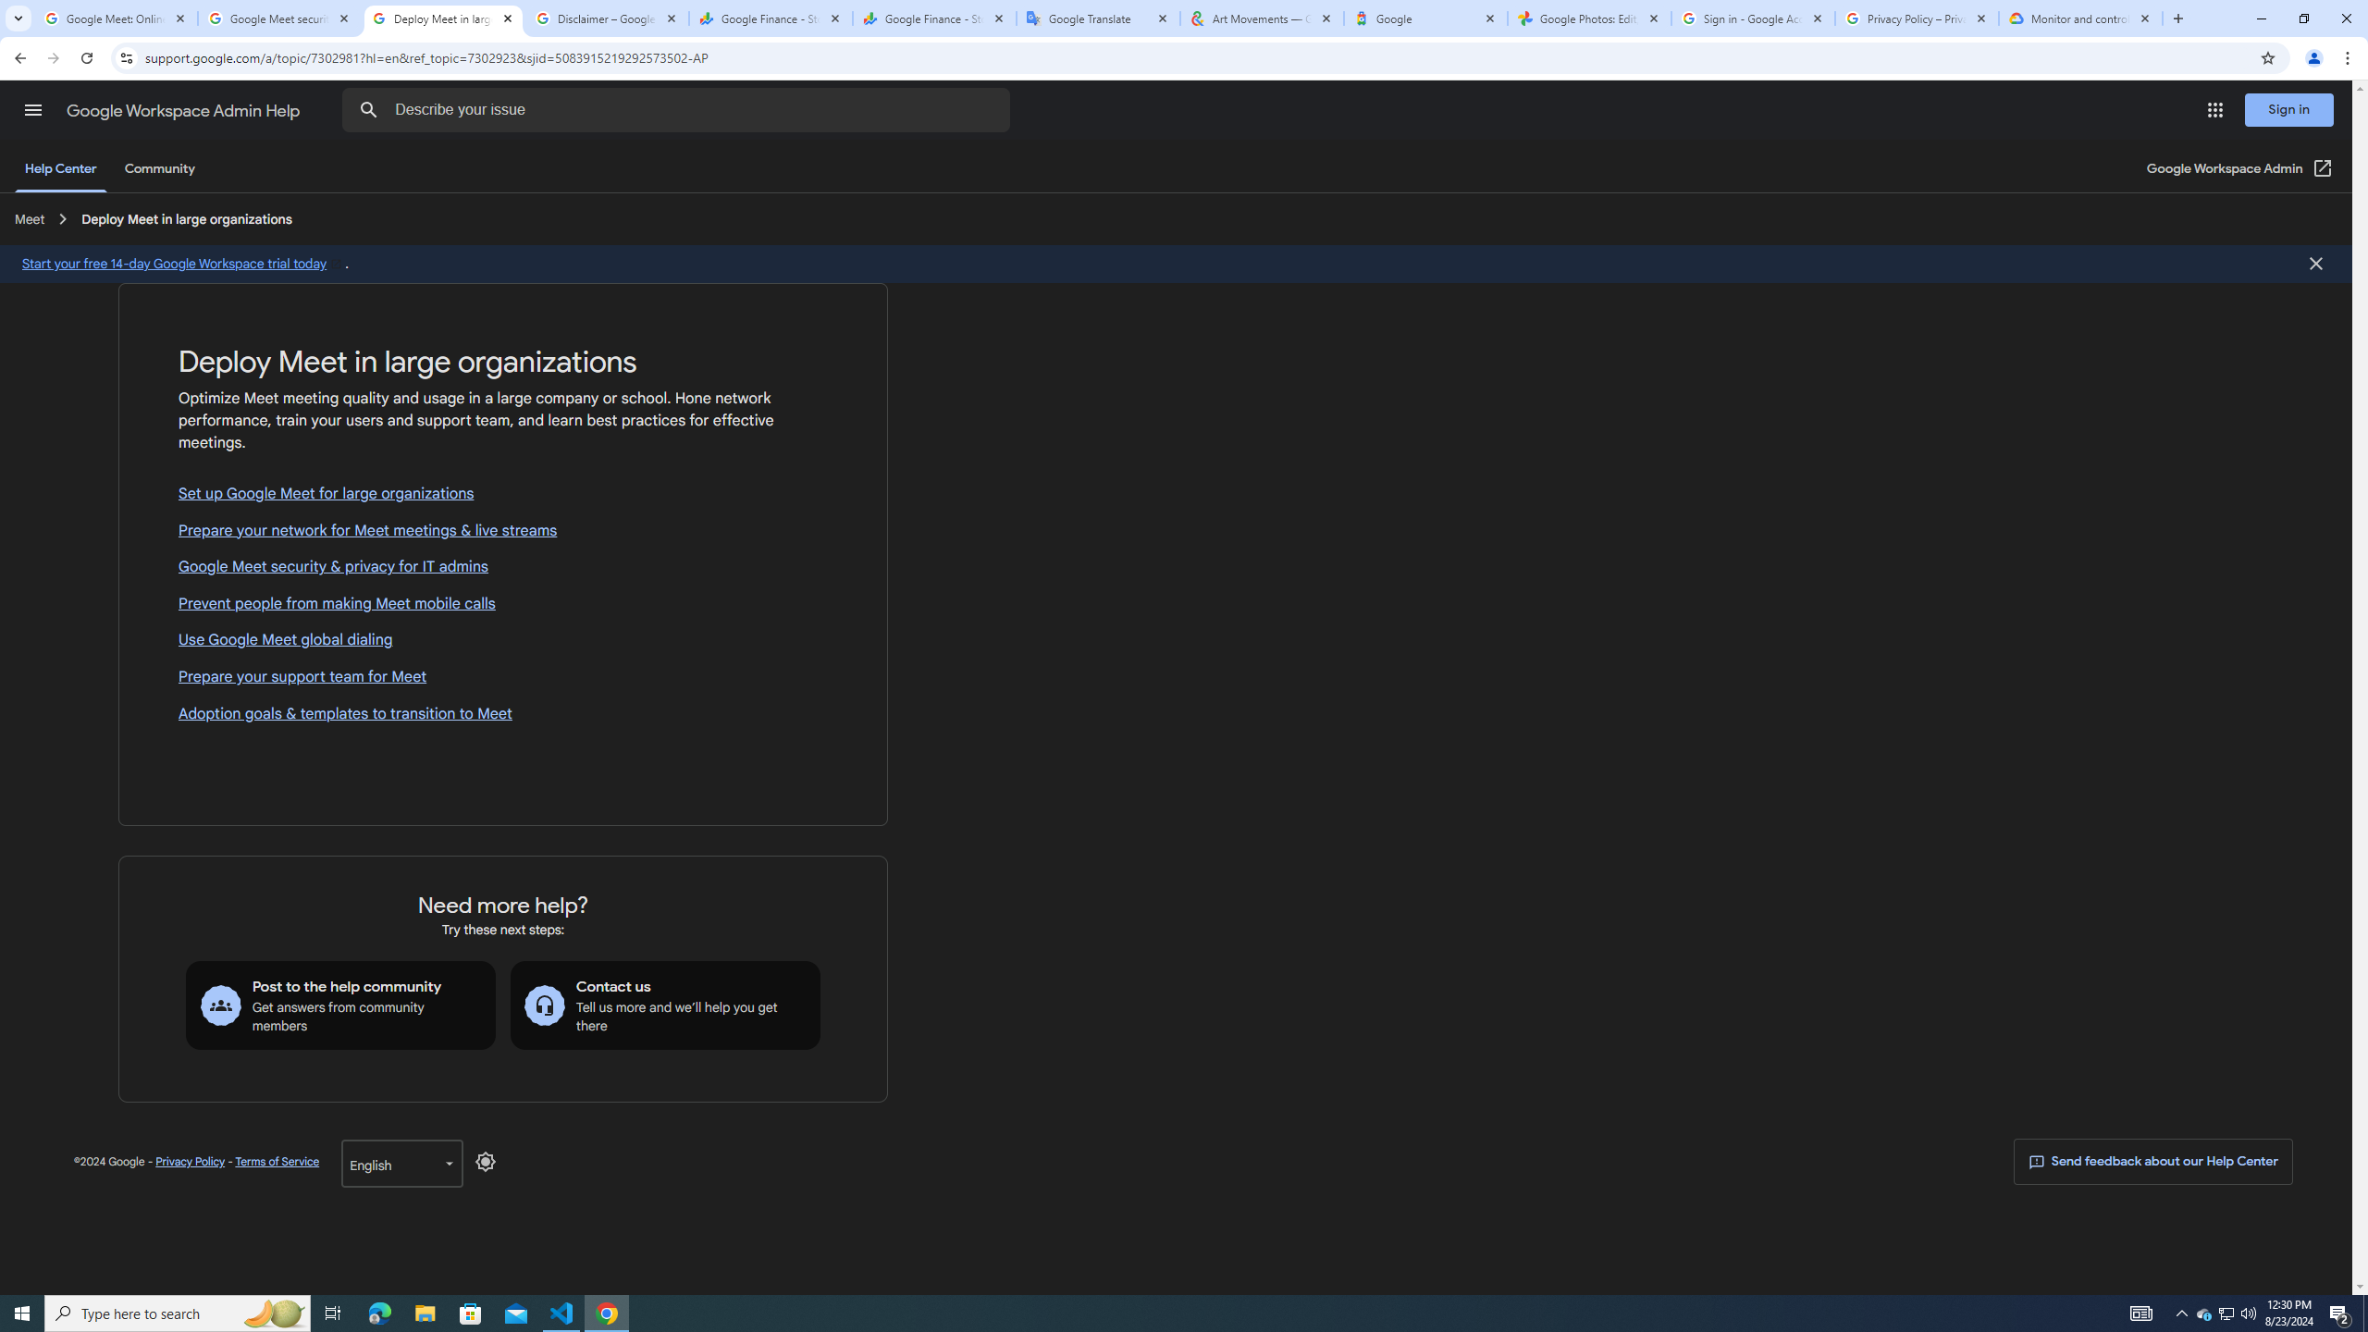  I want to click on 'Deploy Meet in large organizations', so click(184, 217).